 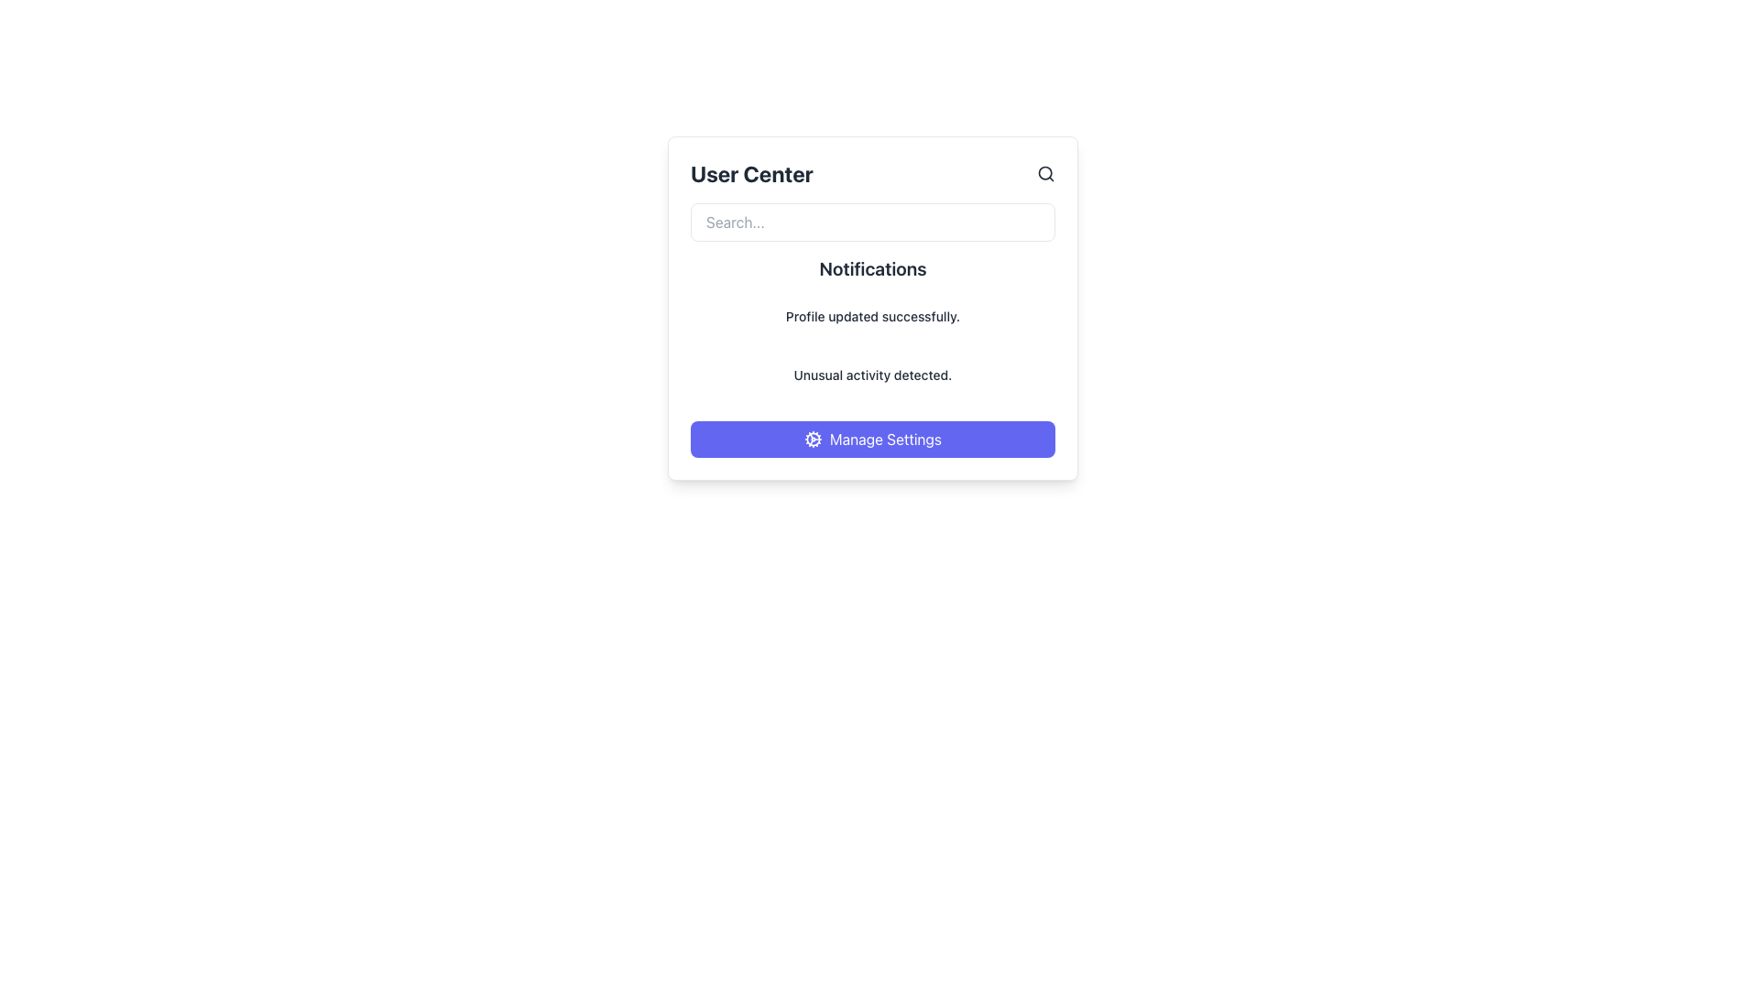 What do you see at coordinates (1045, 173) in the screenshot?
I see `the circular shape representing the lens of the magnifying glass within the search icon located at the top right corner of the 'User Center' modal interface` at bounding box center [1045, 173].